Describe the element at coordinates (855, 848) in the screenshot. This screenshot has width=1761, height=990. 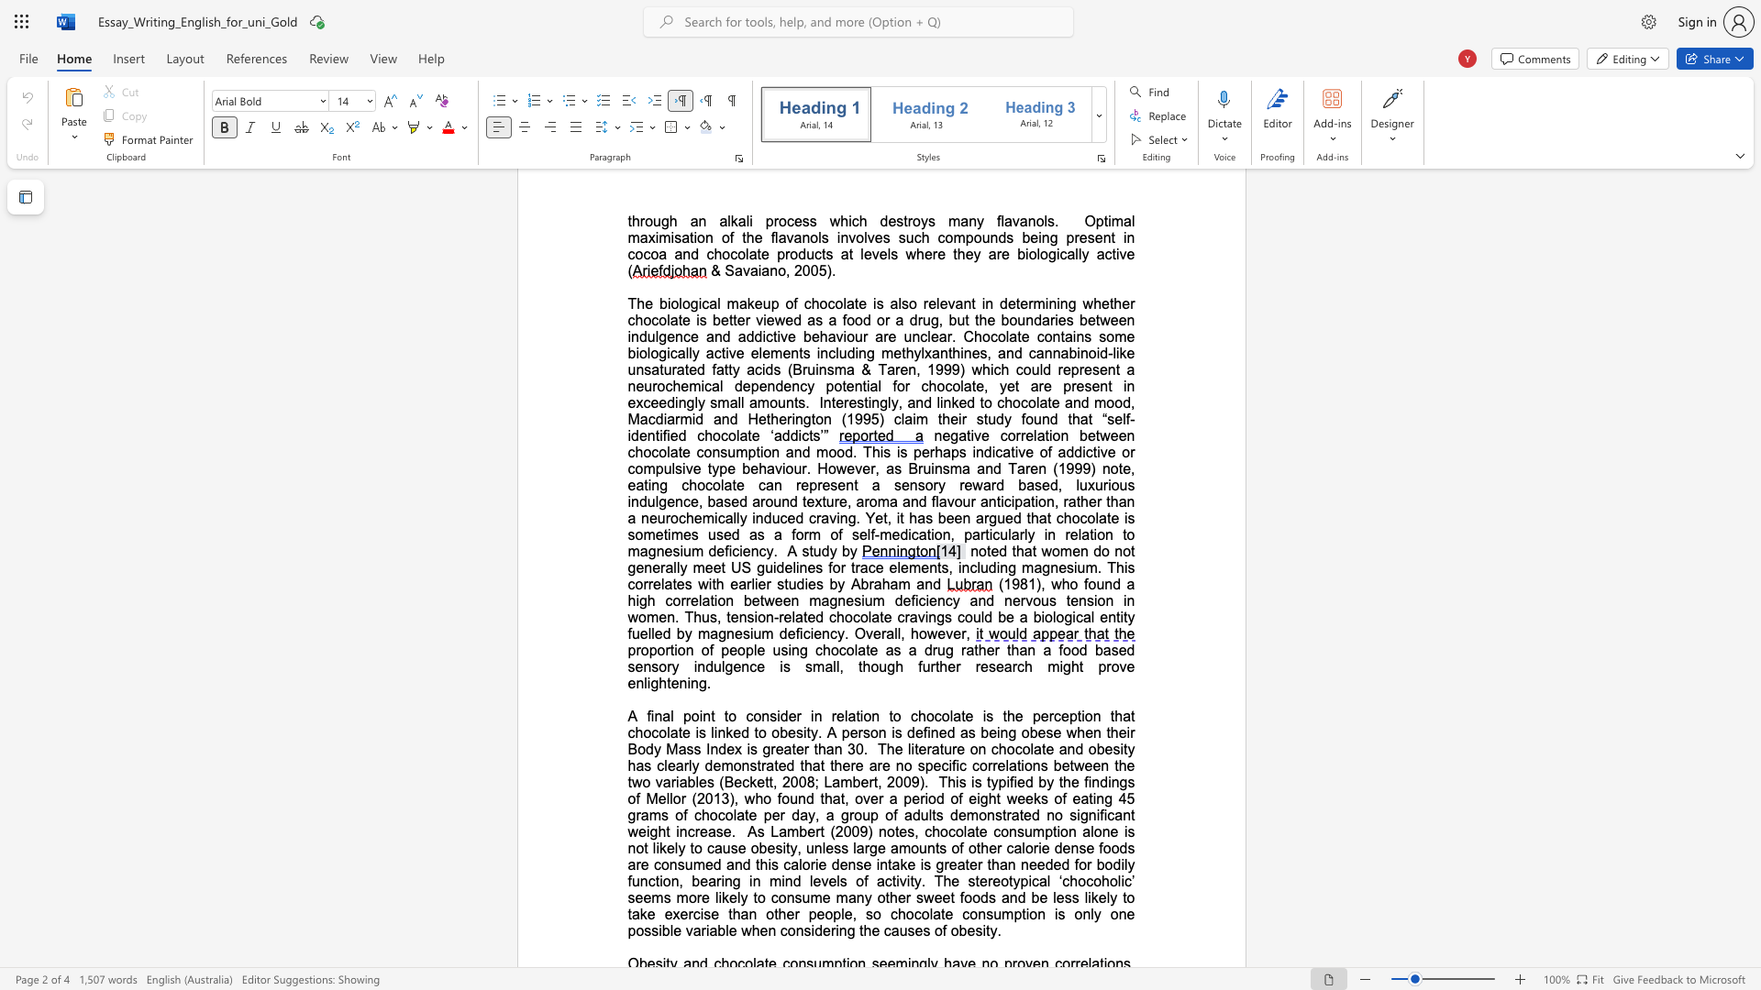
I see `the subset text "arge am" within the text "large amounts"` at that location.